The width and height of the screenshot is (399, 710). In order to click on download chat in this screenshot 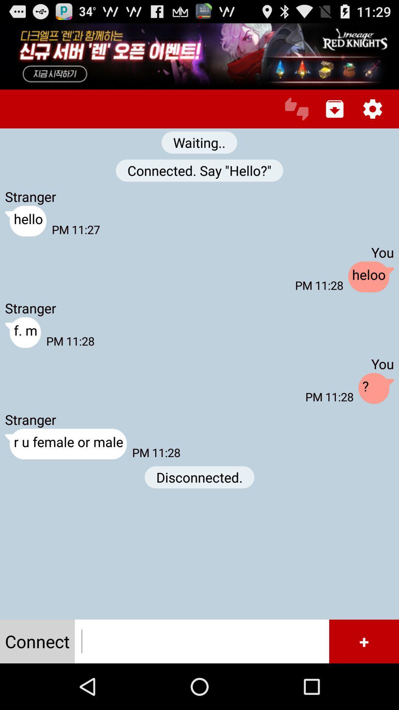, I will do `click(335, 108)`.